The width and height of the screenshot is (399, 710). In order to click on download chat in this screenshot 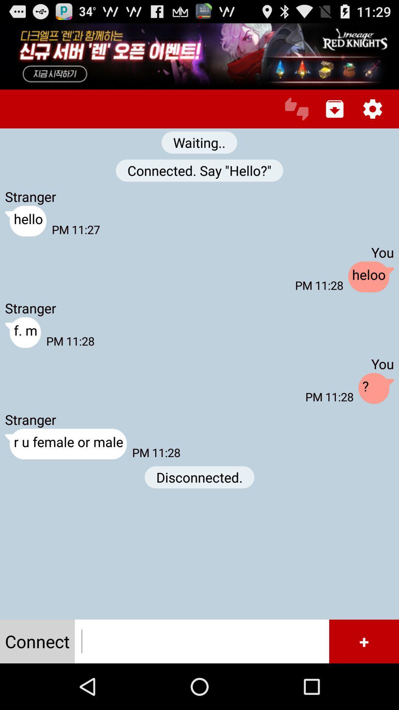, I will do `click(335, 108)`.